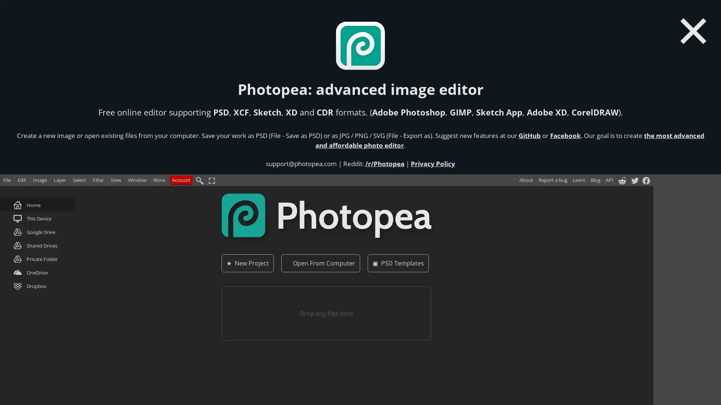 The image size is (721, 405). What do you see at coordinates (22, 6) in the screenshot?
I see `Edit` at bounding box center [22, 6].